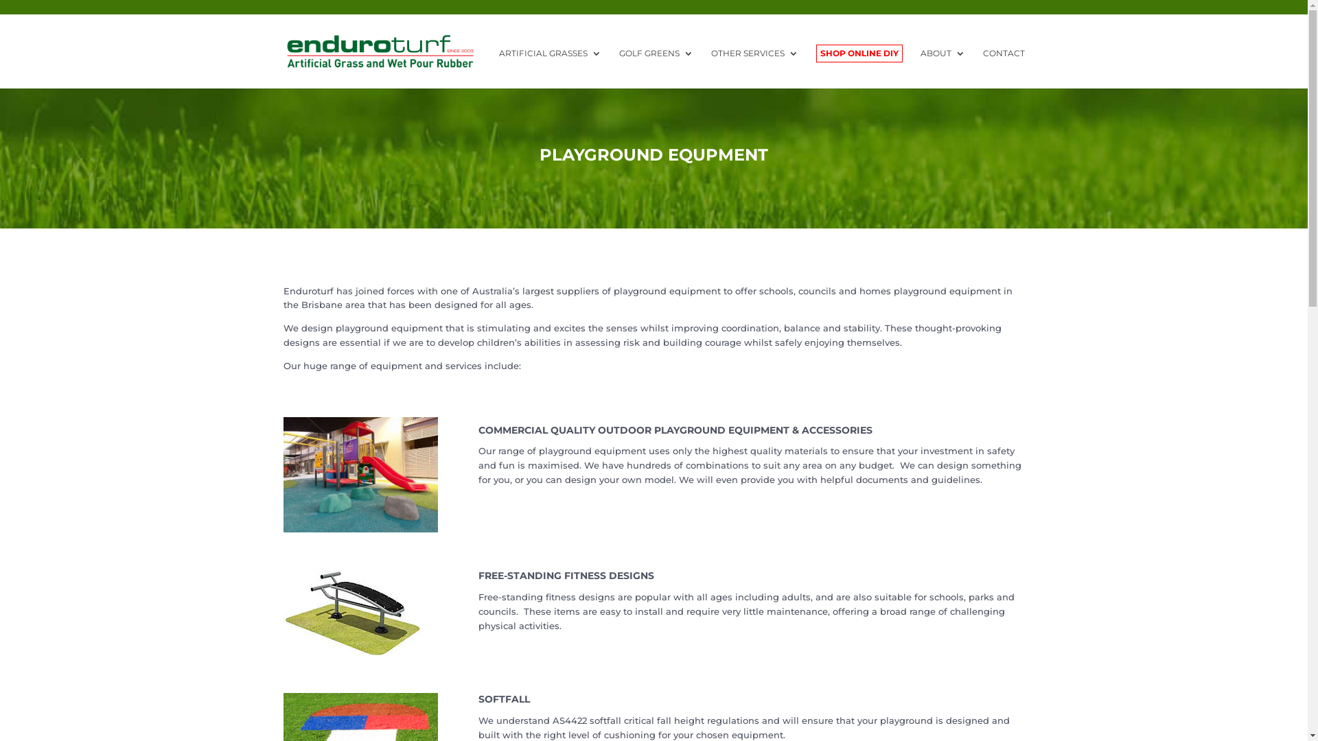 This screenshot has height=741, width=1318. What do you see at coordinates (941, 69) in the screenshot?
I see `'ABOUT'` at bounding box center [941, 69].